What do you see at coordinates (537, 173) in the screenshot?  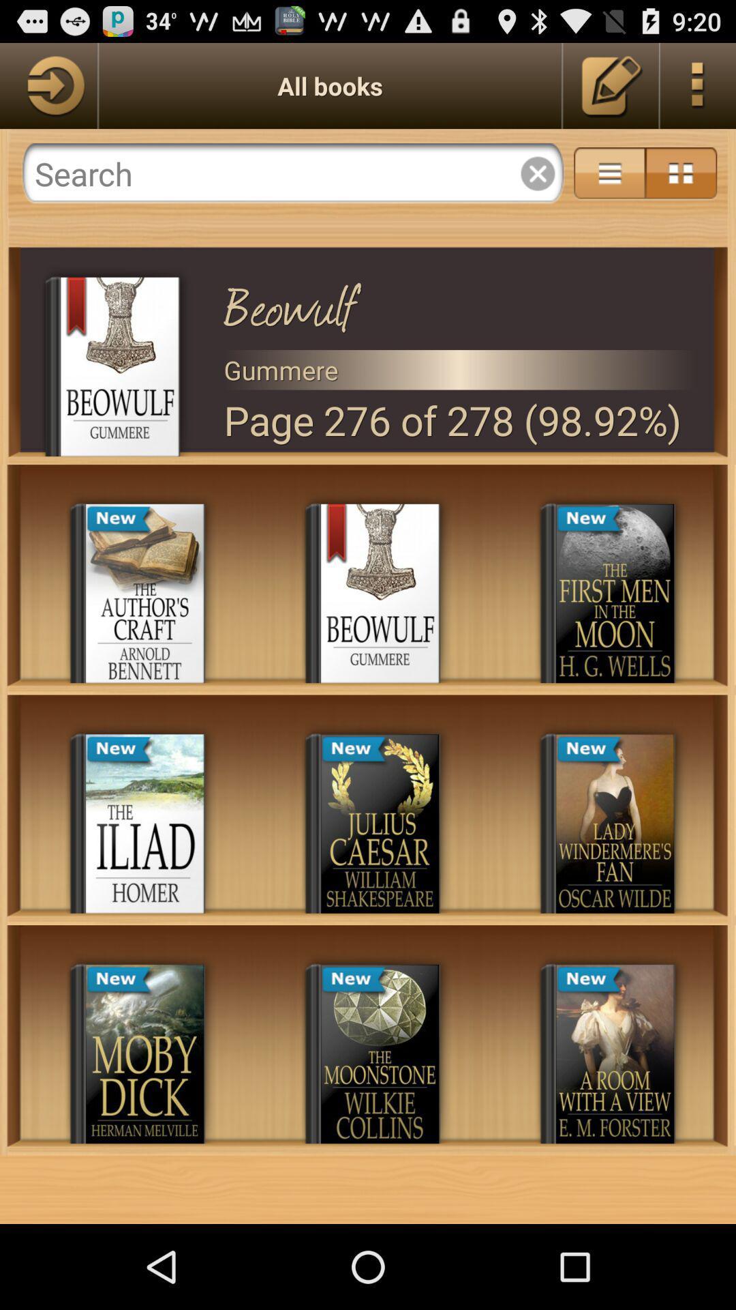 I see `cancel or delete the search` at bounding box center [537, 173].